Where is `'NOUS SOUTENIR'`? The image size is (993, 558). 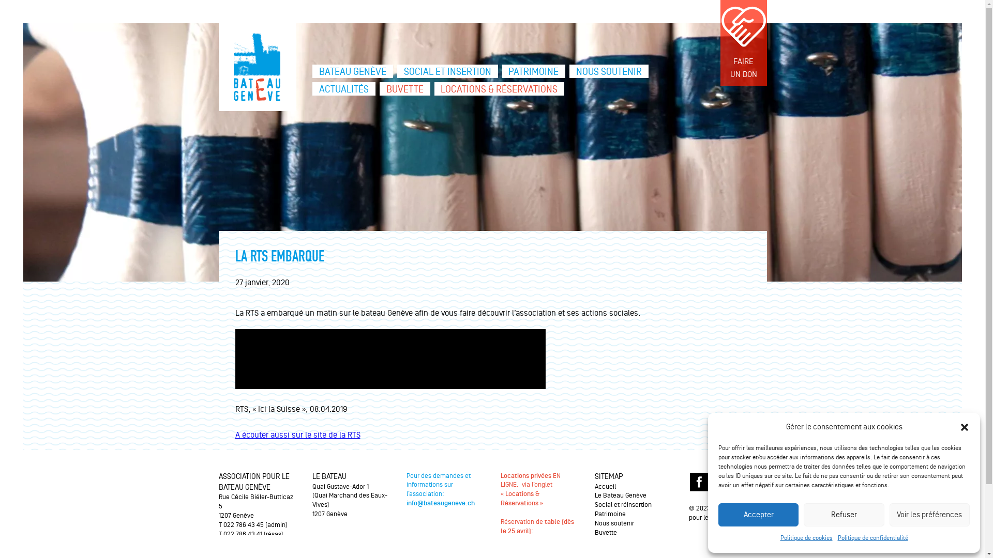 'NOUS SOUTENIR' is located at coordinates (609, 71).